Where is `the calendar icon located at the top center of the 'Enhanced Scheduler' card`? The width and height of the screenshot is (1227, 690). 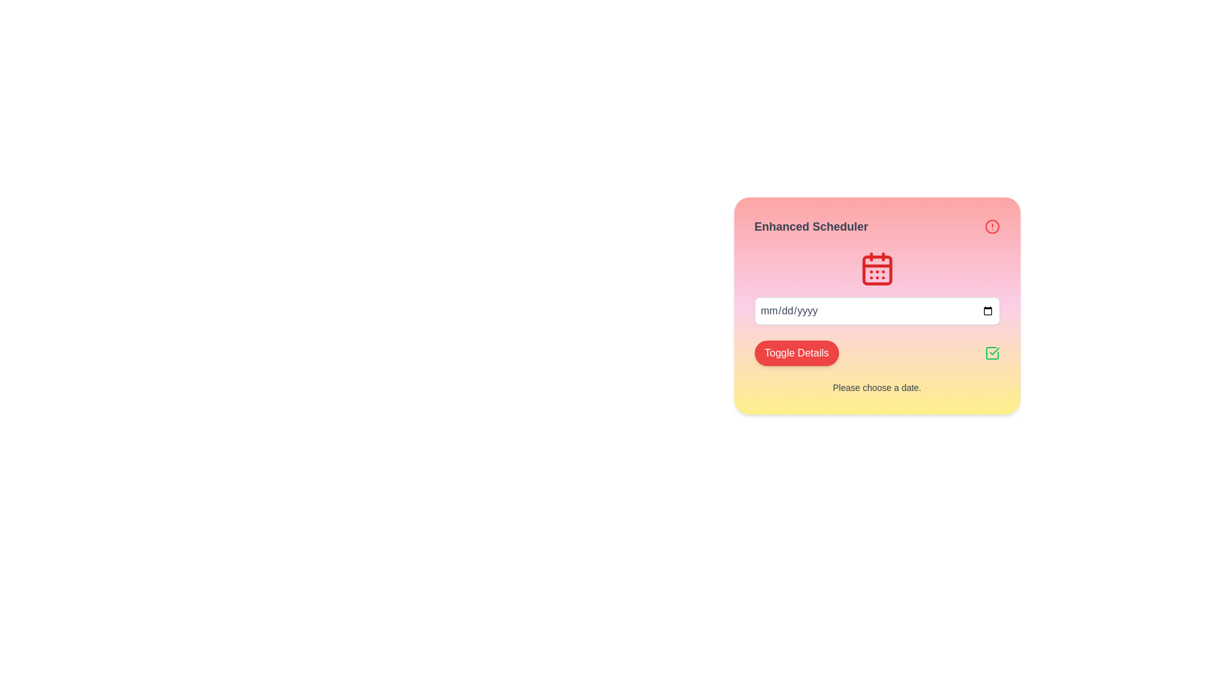 the calendar icon located at the top center of the 'Enhanced Scheduler' card is located at coordinates (876, 268).